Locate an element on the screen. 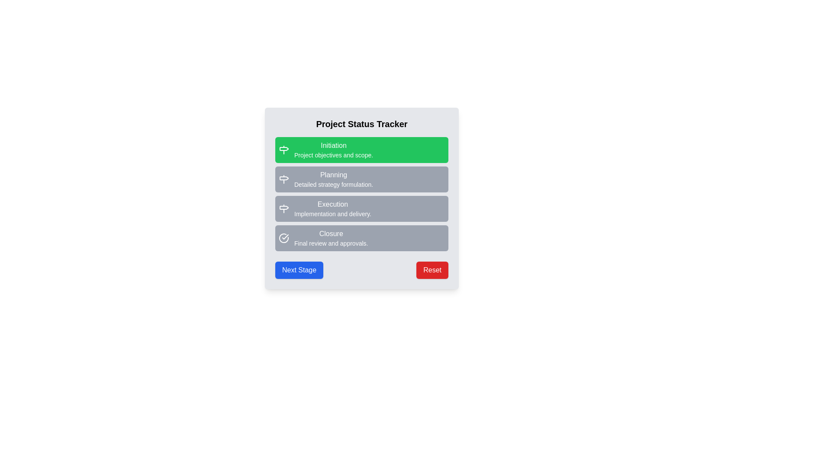 This screenshot has width=831, height=467. the completion status icon representing the 'Closure' stage in the progress tracker UI, located to the far left of the 'Closure' section is located at coordinates (284, 238).